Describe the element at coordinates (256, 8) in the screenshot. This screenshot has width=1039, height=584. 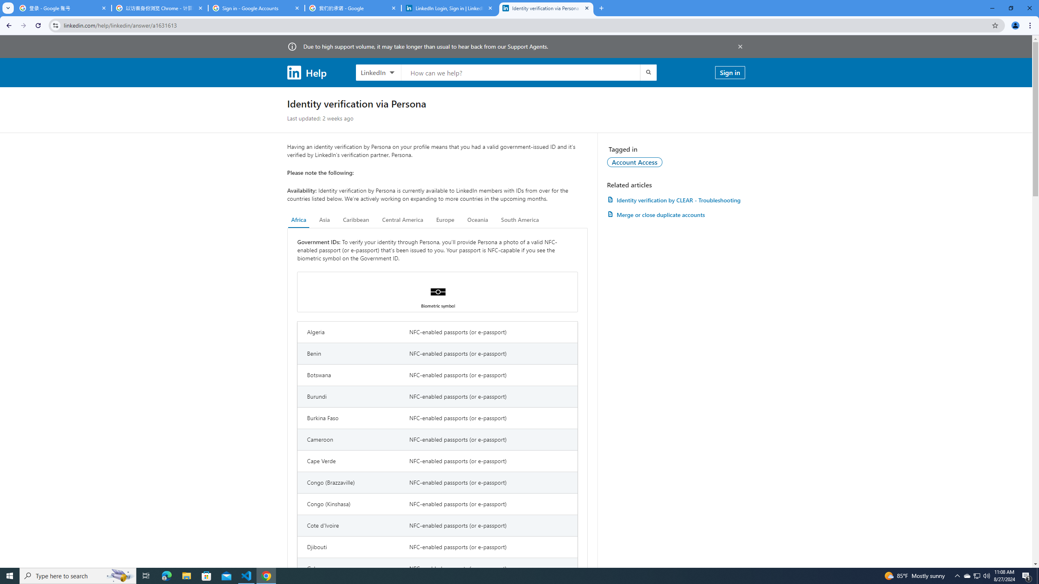
I see `'Sign in - Google Accounts'` at that location.